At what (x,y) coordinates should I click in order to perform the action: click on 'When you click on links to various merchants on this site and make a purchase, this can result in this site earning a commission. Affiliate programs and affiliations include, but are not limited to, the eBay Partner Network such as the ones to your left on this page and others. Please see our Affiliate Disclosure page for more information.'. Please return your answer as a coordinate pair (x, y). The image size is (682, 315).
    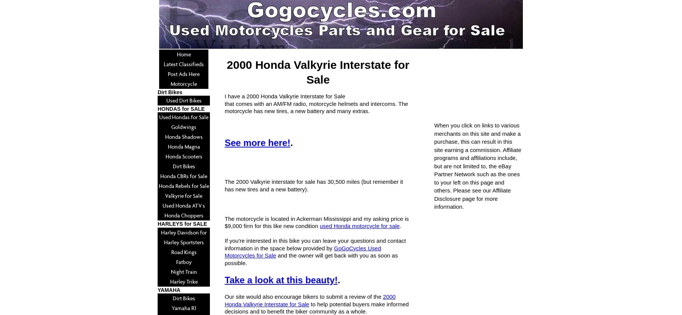
    Looking at the image, I should click on (477, 165).